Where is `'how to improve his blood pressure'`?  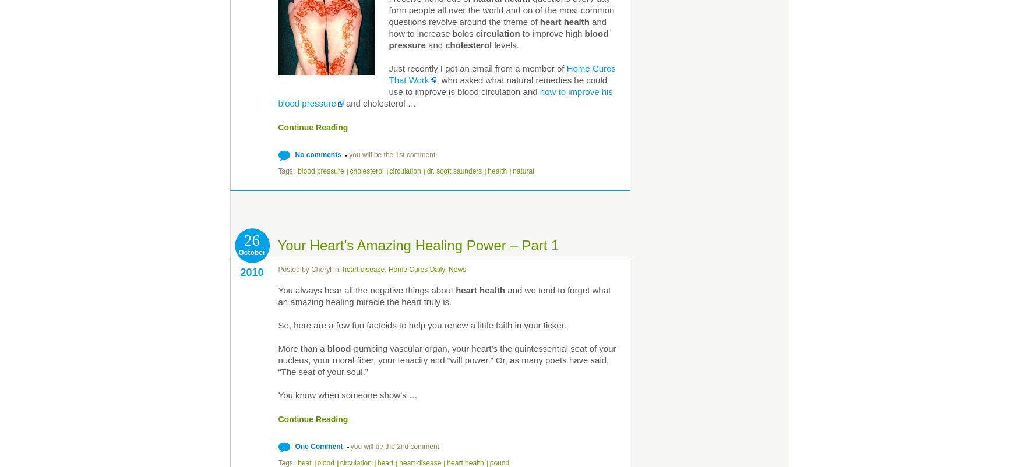 'how to improve his blood pressure' is located at coordinates (445, 97).